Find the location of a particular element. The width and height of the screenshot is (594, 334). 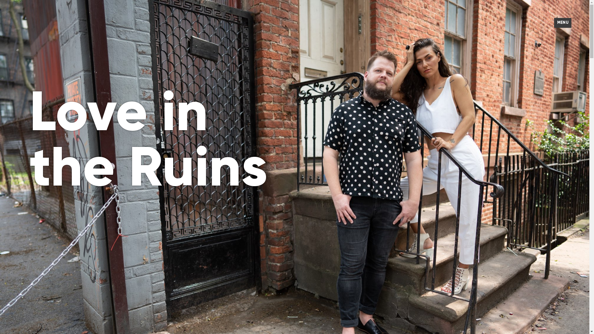

'VIEW is located at coordinates (563, 22).